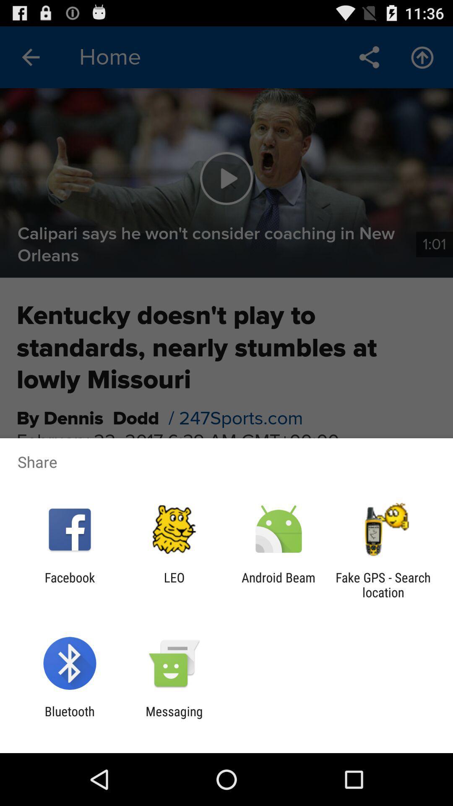  Describe the element at coordinates (174, 584) in the screenshot. I see `app next to the android beam icon` at that location.